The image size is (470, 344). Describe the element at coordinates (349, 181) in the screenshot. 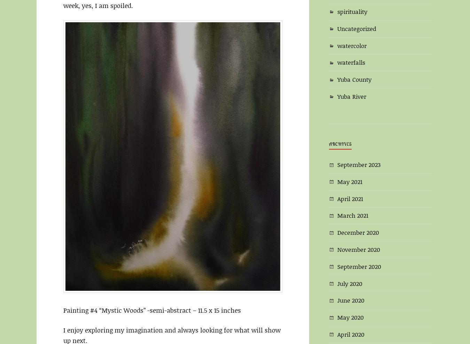

I see `'May 2021'` at that location.